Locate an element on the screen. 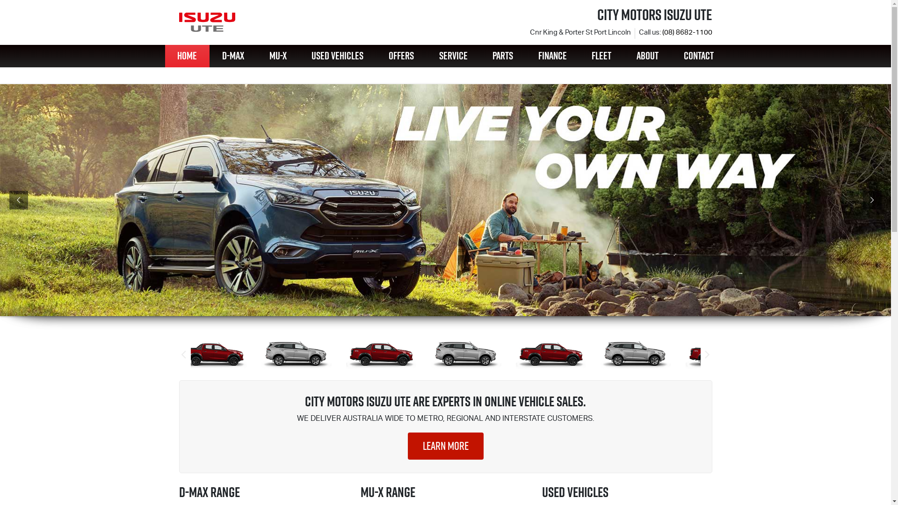  'PARTS' is located at coordinates (480, 56).